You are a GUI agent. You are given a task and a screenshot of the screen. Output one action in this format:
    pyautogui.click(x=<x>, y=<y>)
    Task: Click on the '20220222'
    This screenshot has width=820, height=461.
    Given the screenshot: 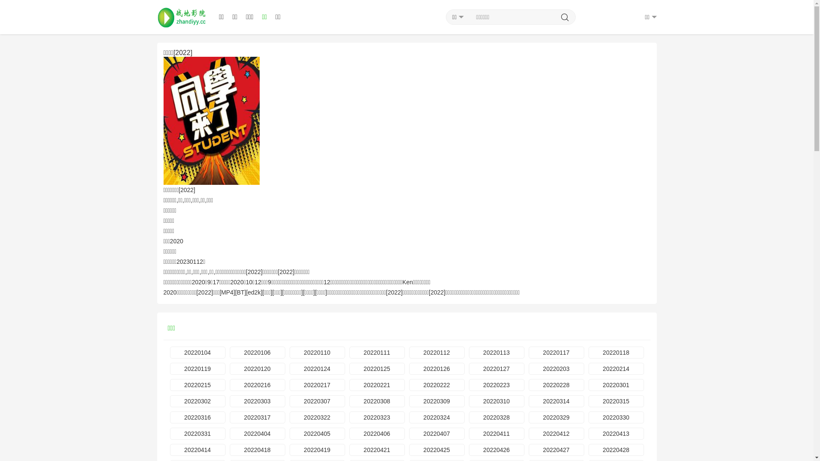 What is the action you would take?
    pyautogui.click(x=436, y=385)
    